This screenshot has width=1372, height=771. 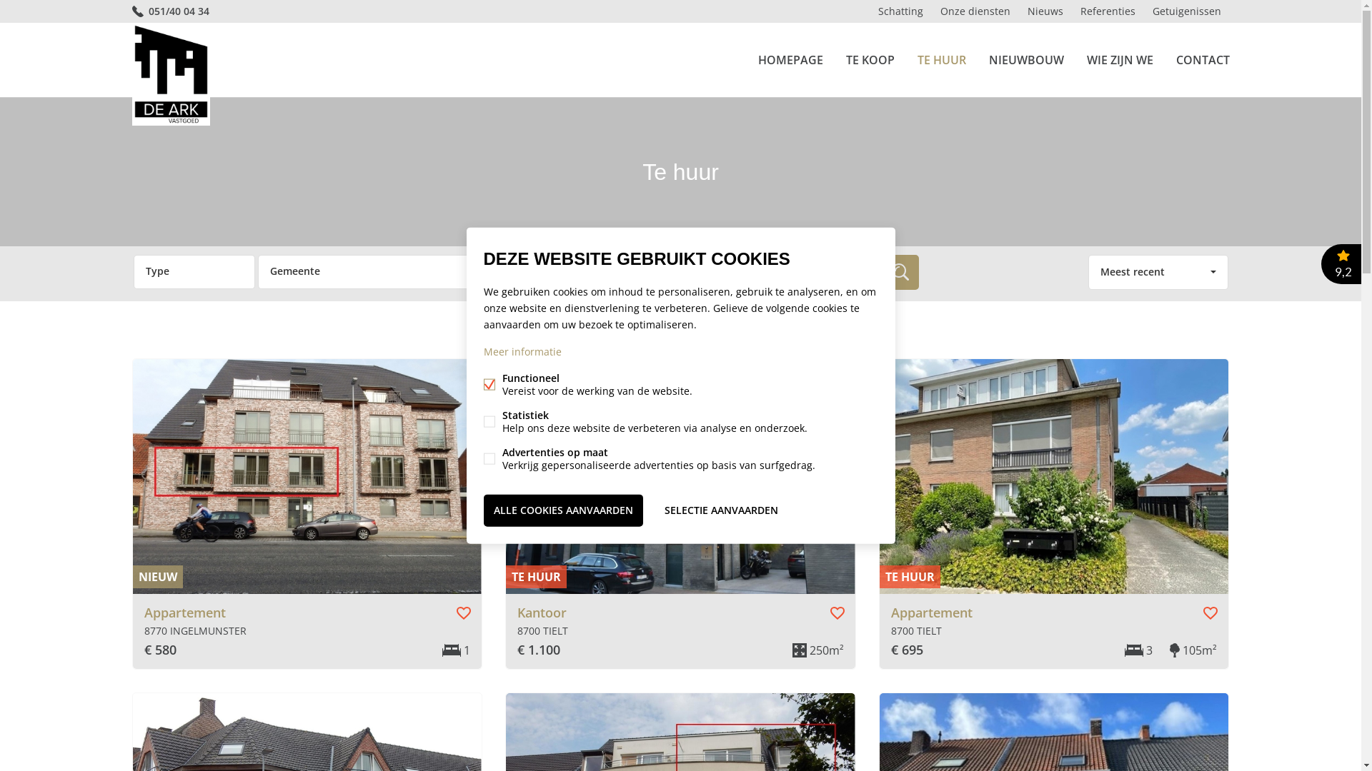 What do you see at coordinates (899, 11) in the screenshot?
I see `'Schatting'` at bounding box center [899, 11].